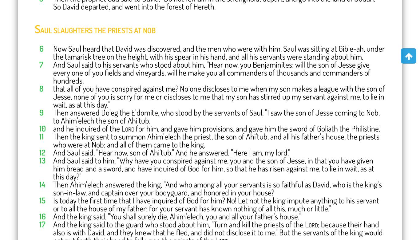  I want to click on 'and he inquired of the', so click(87, 128).